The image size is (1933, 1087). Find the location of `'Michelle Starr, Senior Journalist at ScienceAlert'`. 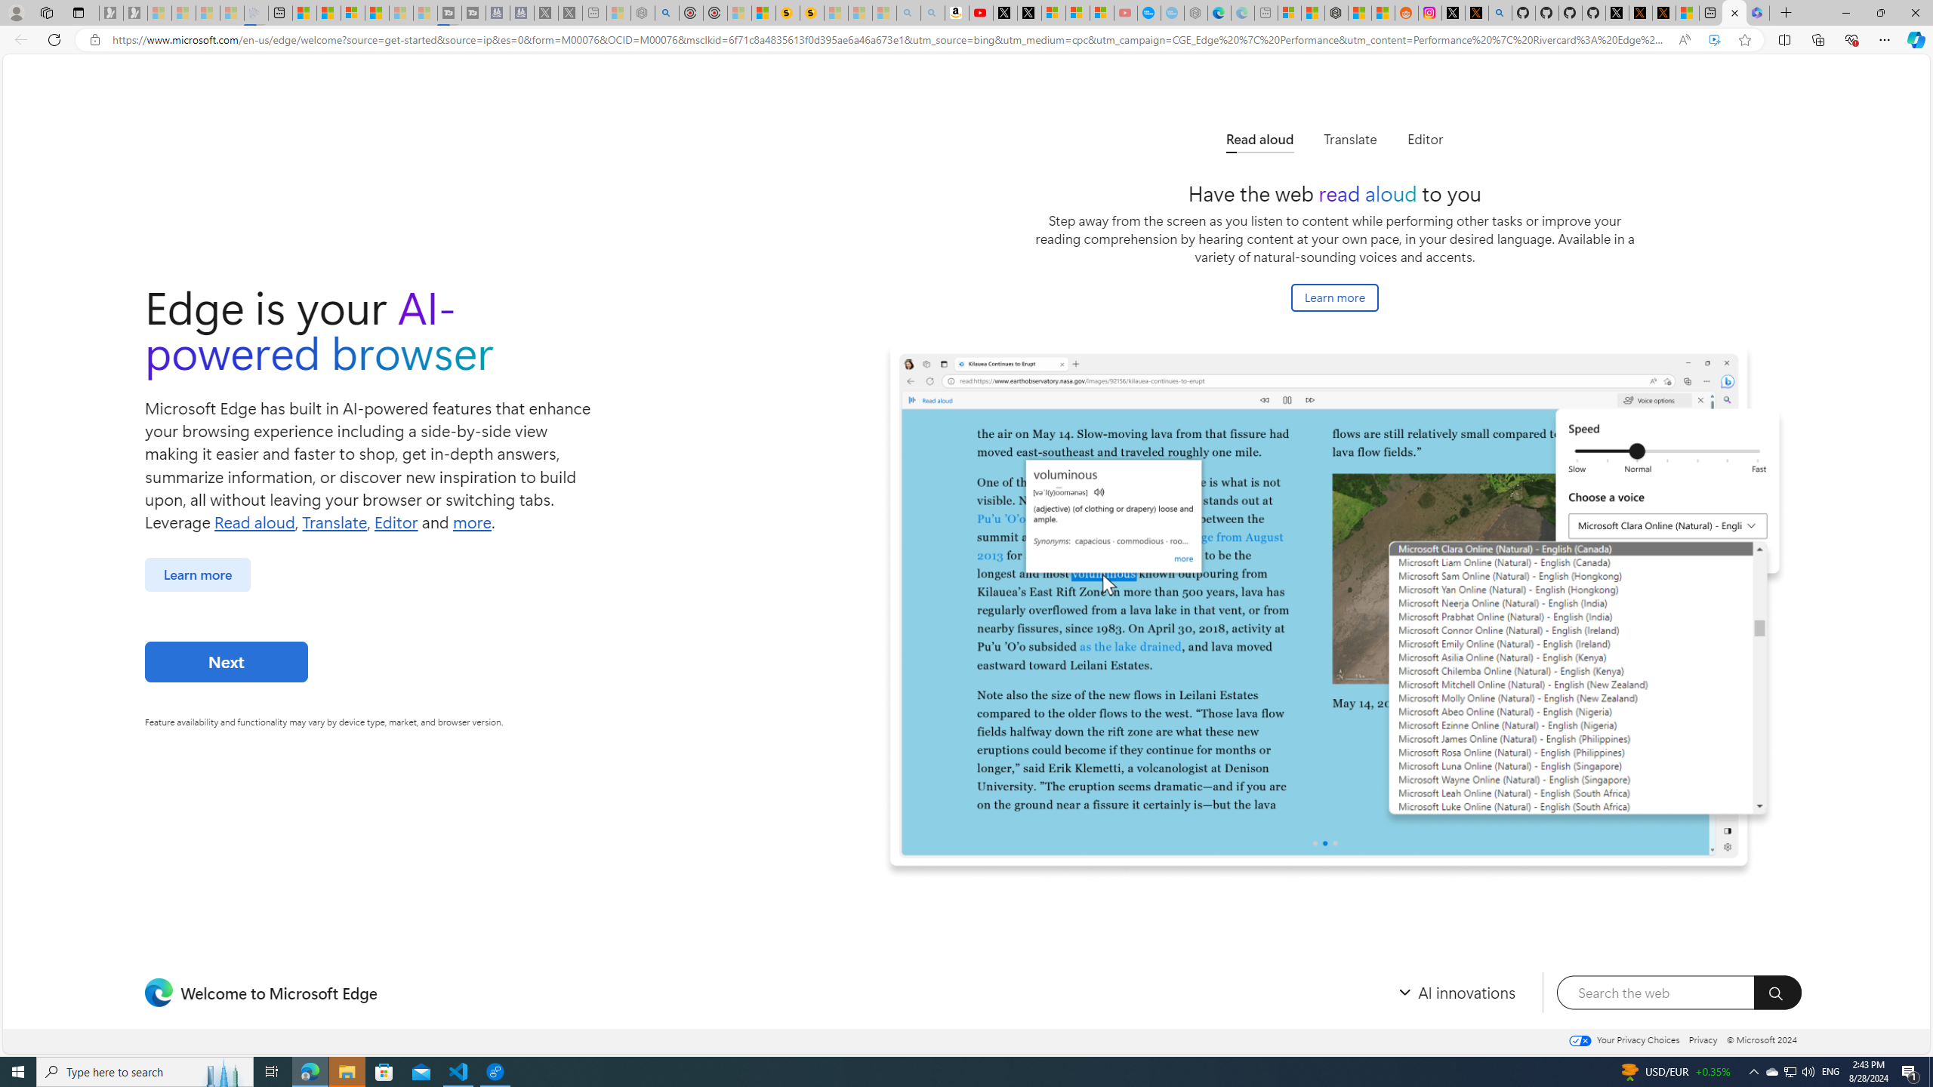

'Michelle Starr, Senior Journalist at ScienceAlert' is located at coordinates (812, 12).